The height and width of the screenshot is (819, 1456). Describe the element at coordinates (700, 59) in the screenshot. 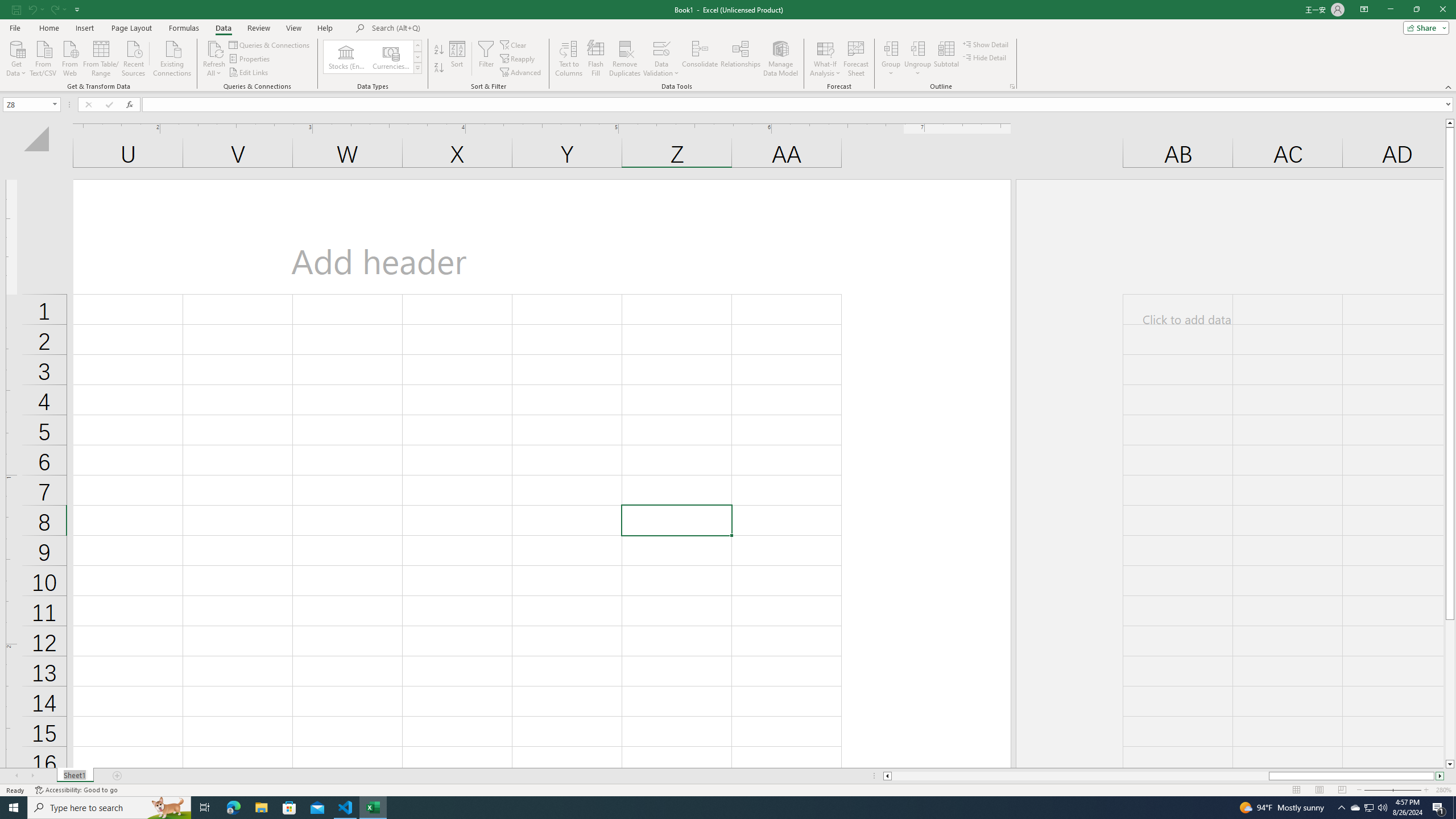

I see `'Consolidate...'` at that location.